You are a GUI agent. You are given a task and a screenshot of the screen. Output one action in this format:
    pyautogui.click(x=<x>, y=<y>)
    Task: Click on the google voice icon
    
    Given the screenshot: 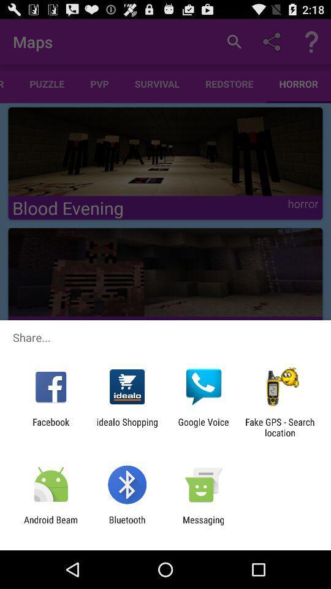 What is the action you would take?
    pyautogui.click(x=204, y=427)
    